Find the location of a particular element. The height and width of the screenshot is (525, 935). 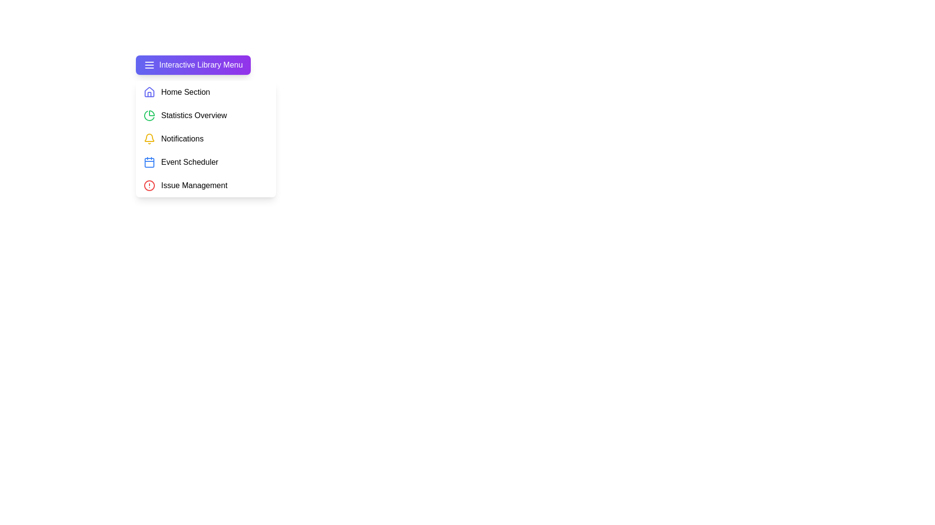

the menu item Notifications from the LibraryMenu is located at coordinates (205, 139).